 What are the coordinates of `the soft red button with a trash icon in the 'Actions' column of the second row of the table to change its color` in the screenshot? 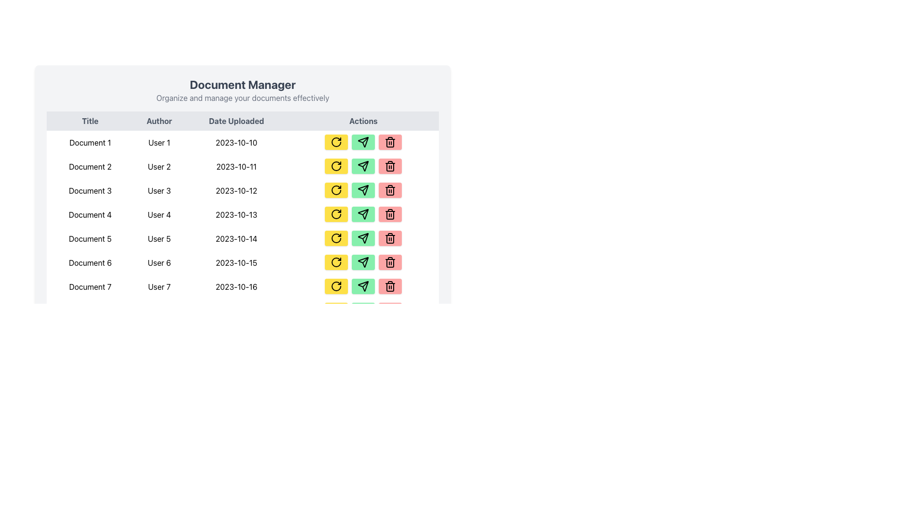 It's located at (390, 166).